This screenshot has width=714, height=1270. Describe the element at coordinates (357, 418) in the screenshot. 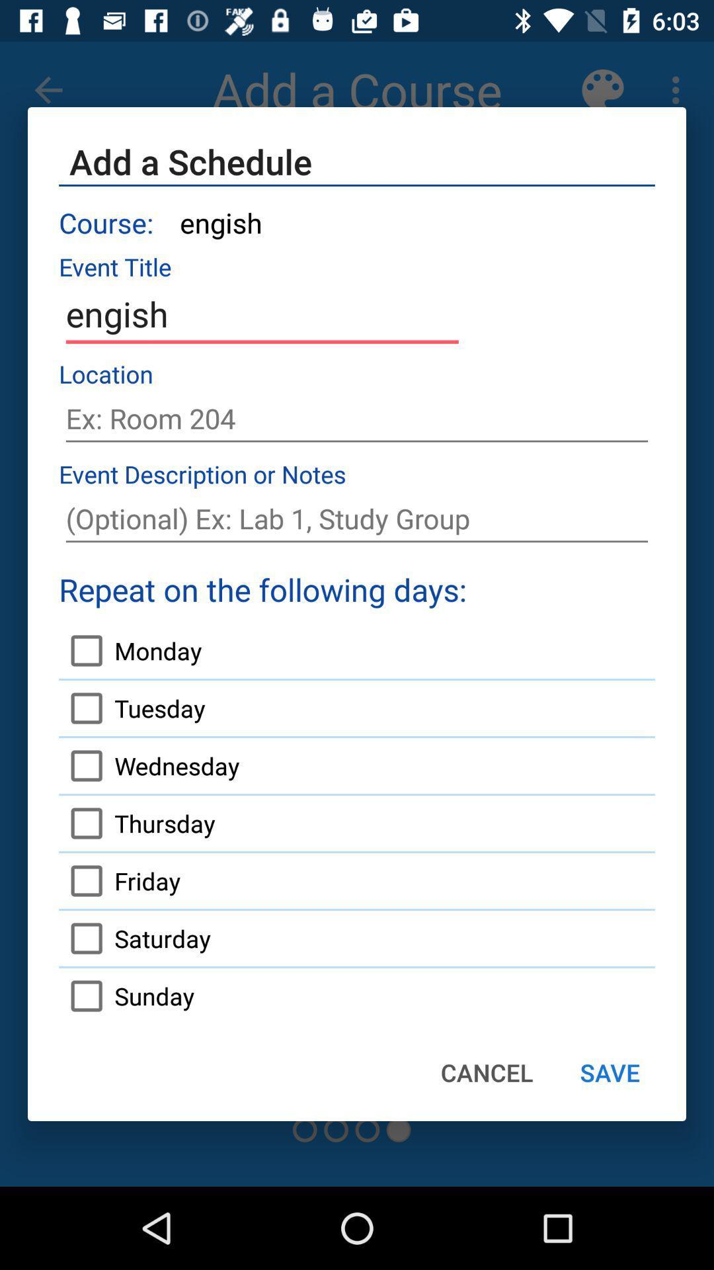

I see `insert class location` at that location.